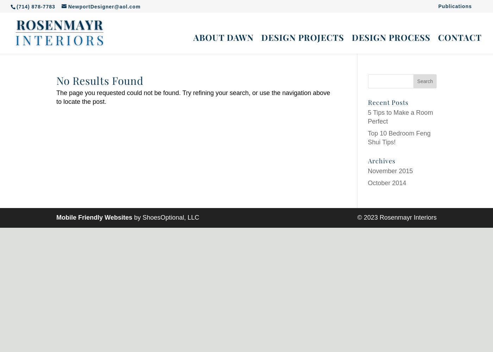  Describe the element at coordinates (56, 217) in the screenshot. I see `'Mobile Friendly Websites'` at that location.